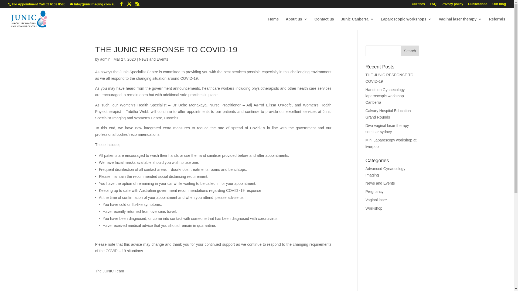 Image resolution: width=518 pixels, height=291 pixels. Describe the element at coordinates (388, 114) in the screenshot. I see `'Calvary Hospital Education Grand Rounds'` at that location.